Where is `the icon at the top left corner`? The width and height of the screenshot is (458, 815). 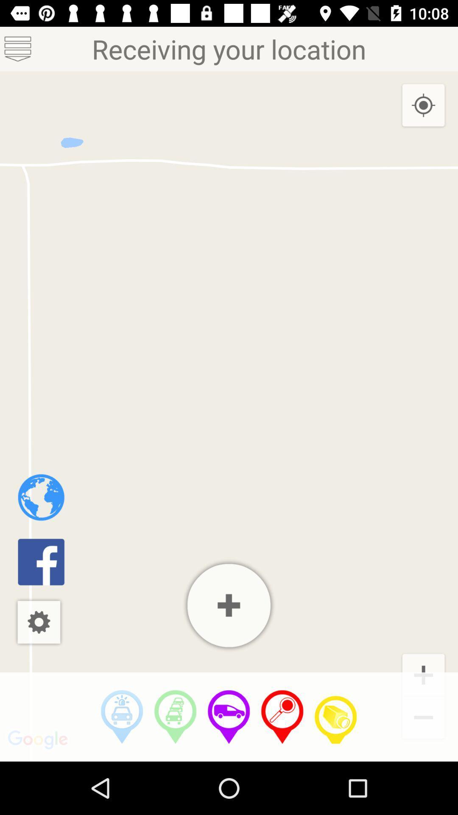 the icon at the top left corner is located at coordinates (18, 48).